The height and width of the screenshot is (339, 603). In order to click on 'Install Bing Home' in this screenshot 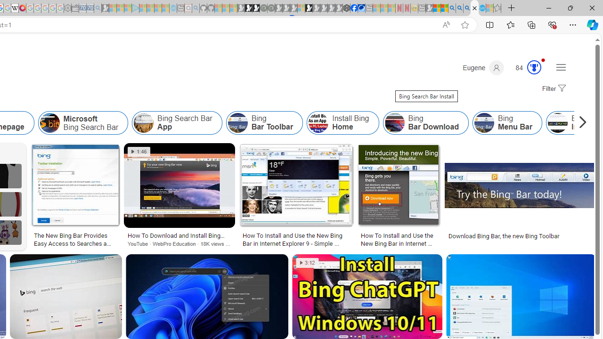, I will do `click(318, 122)`.